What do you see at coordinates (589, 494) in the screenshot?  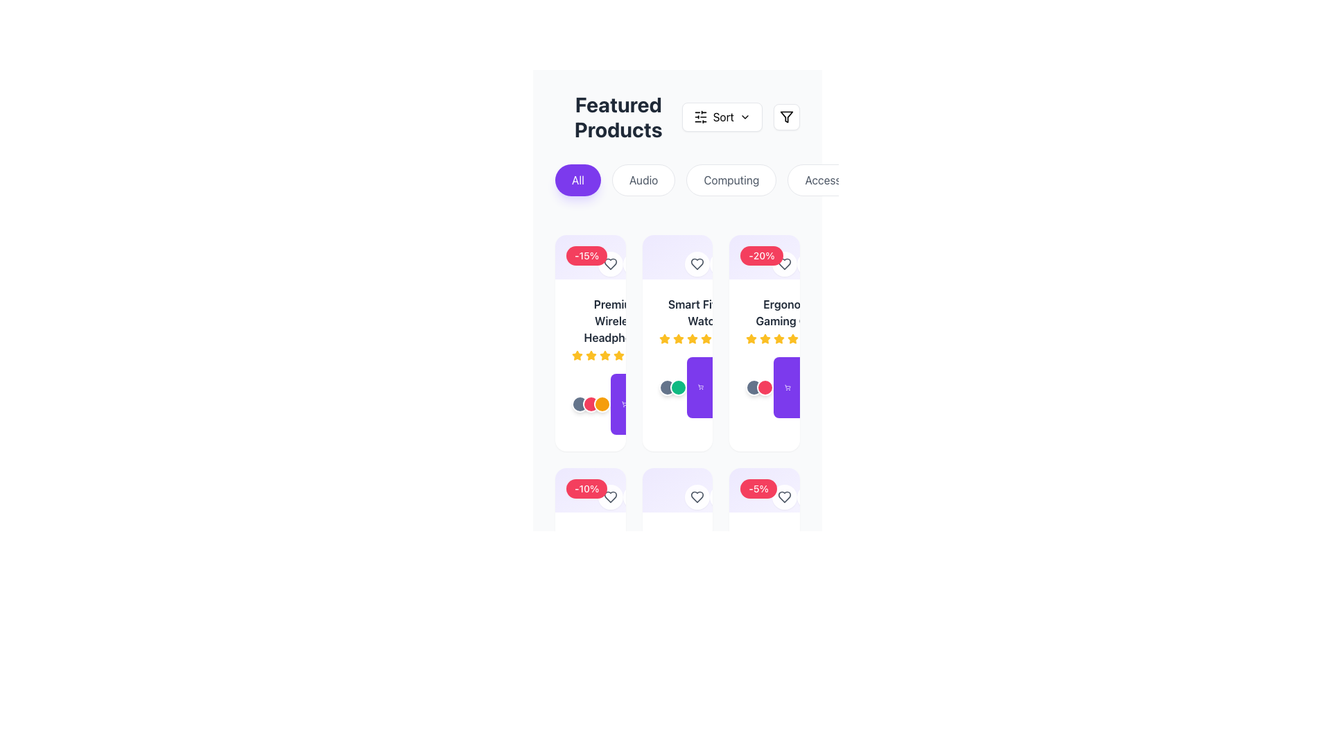 I see `the discount percentage label located at the top-left side of the product card, above the main product information and next to the heart icon for favorites` at bounding box center [589, 494].